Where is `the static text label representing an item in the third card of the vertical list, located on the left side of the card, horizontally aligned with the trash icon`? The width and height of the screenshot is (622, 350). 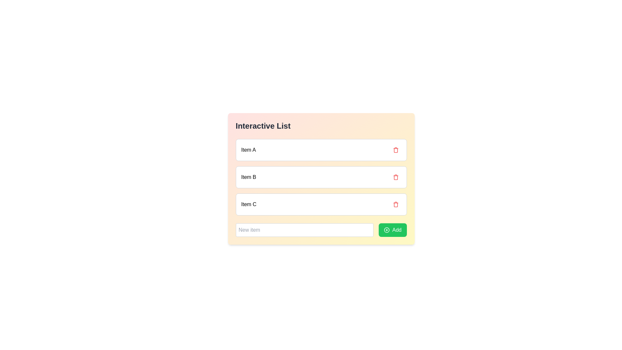 the static text label representing an item in the third card of the vertical list, located on the left side of the card, horizontally aligned with the trash icon is located at coordinates (248, 204).